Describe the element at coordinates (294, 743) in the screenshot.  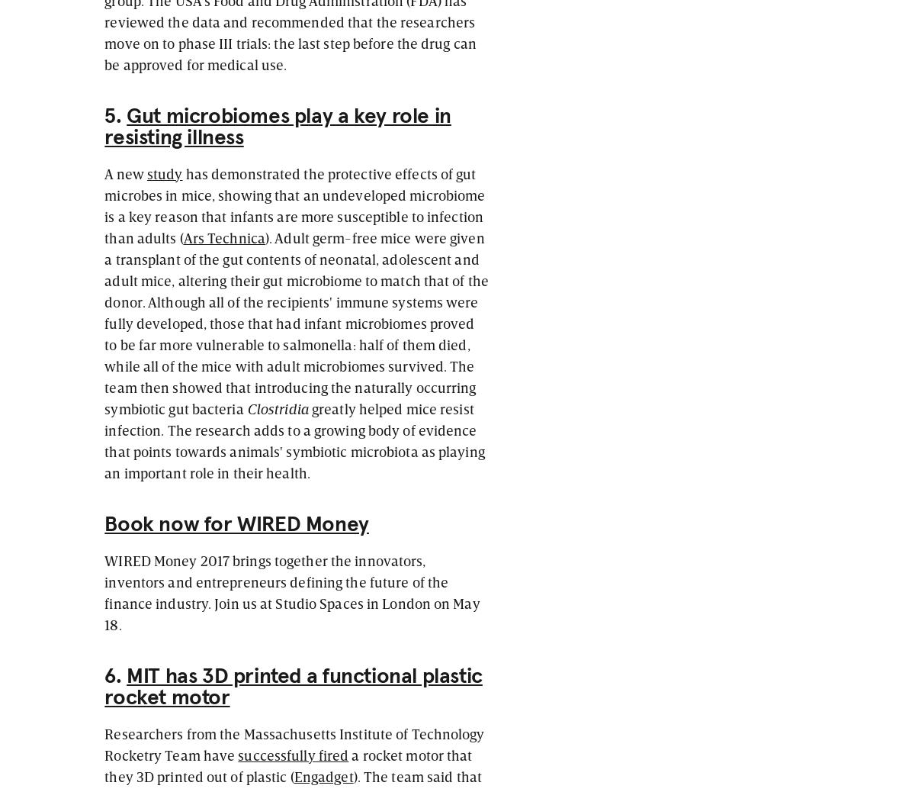
I see `'Researchers from the Massachusetts Institute of Technology Rocketry Team have'` at that location.